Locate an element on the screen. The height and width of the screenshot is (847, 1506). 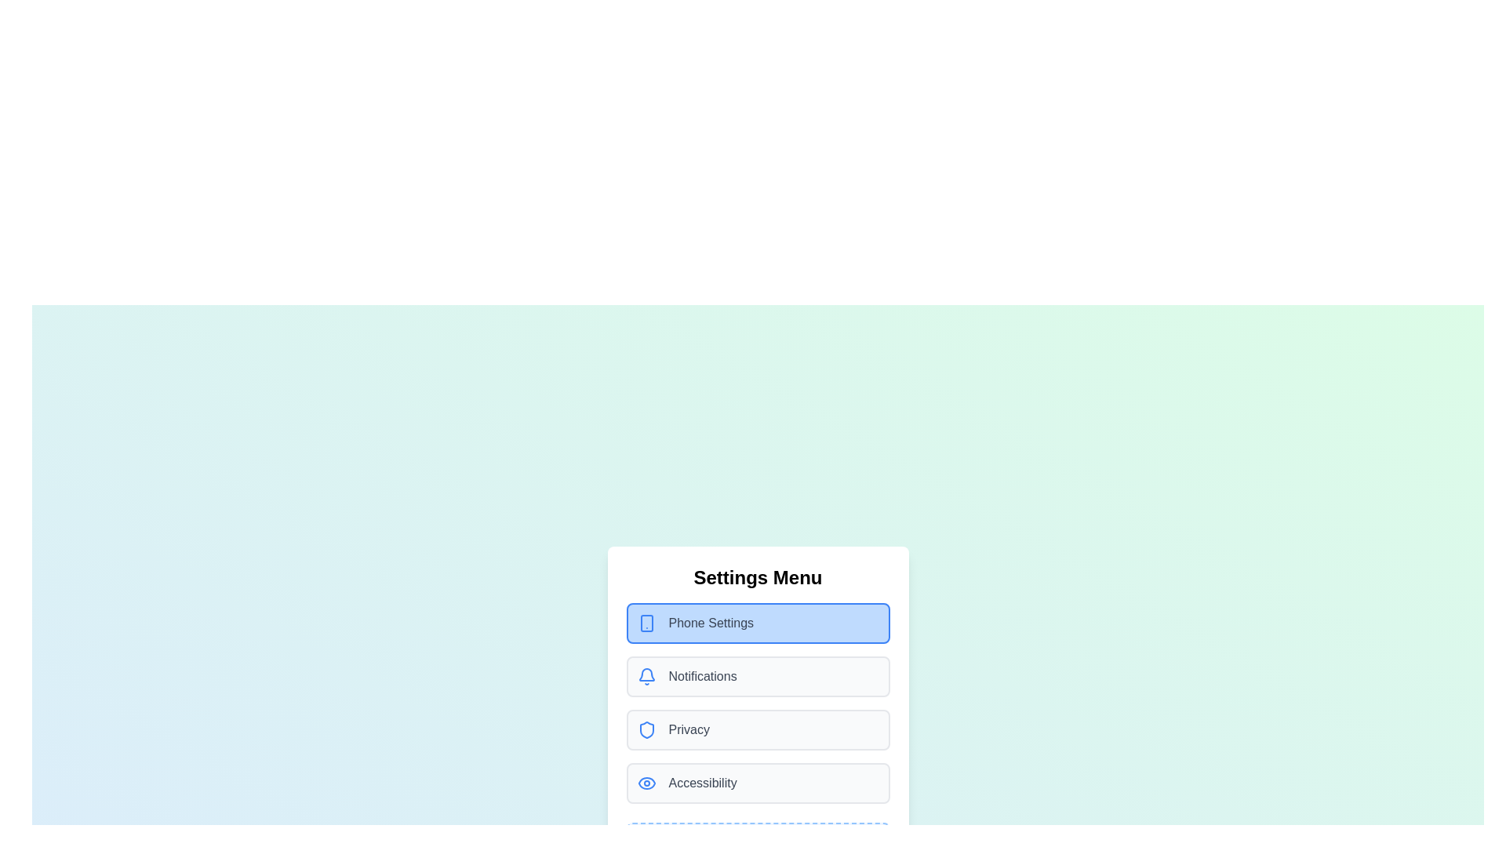
the menu item corresponding to Accessibility by clicking its associated icon is located at coordinates (646, 783).